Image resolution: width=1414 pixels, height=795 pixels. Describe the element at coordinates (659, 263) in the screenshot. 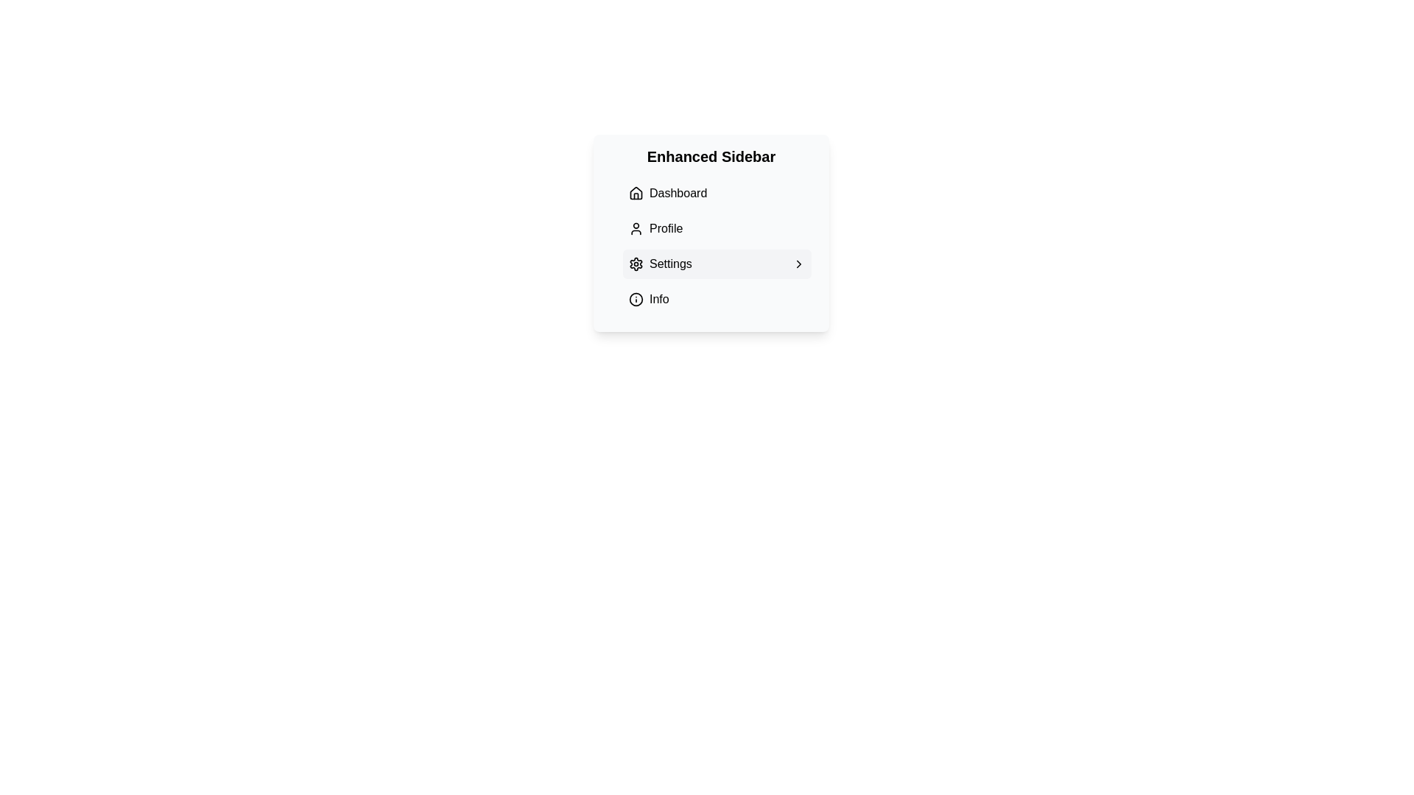

I see `the 'Settings' text label, which is styled in bold black font and positioned to the right of a gear-shaped icon` at that location.